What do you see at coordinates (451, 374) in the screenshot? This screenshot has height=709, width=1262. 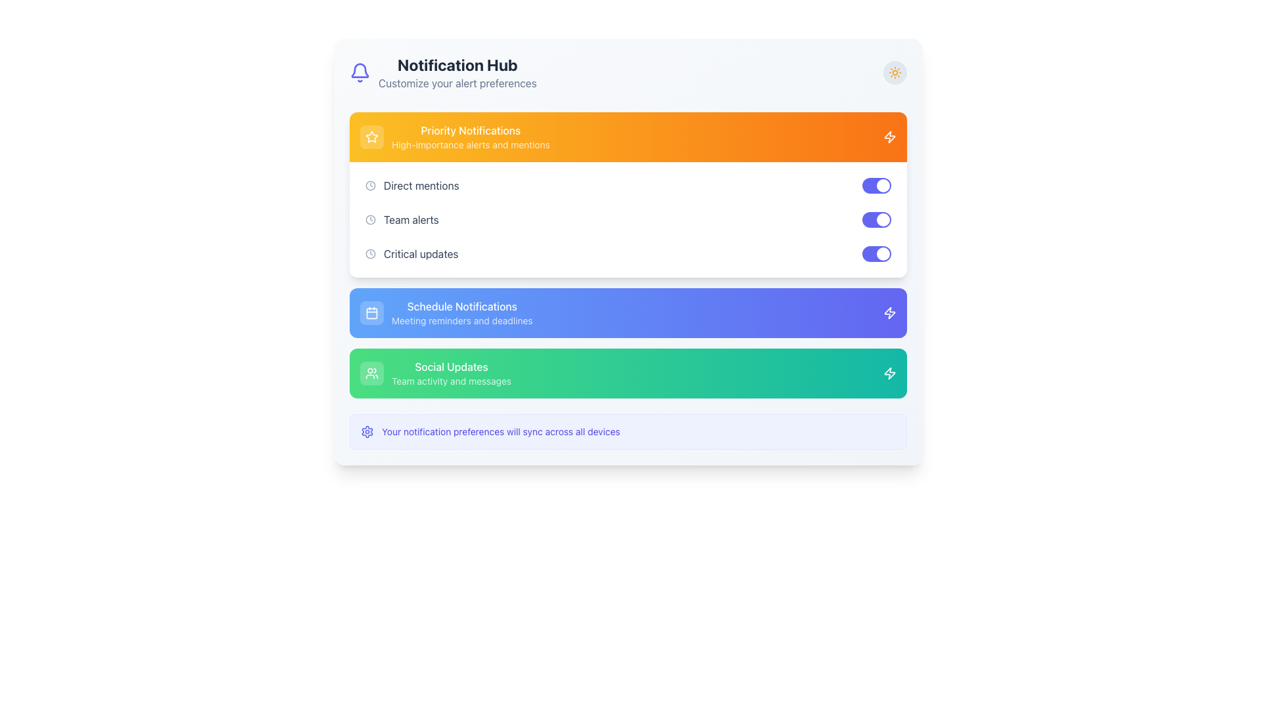 I see `the Static text component that provides a header and descriptor for the 'Social Updates' notification category, located in the green section of the notification hub interface` at bounding box center [451, 374].